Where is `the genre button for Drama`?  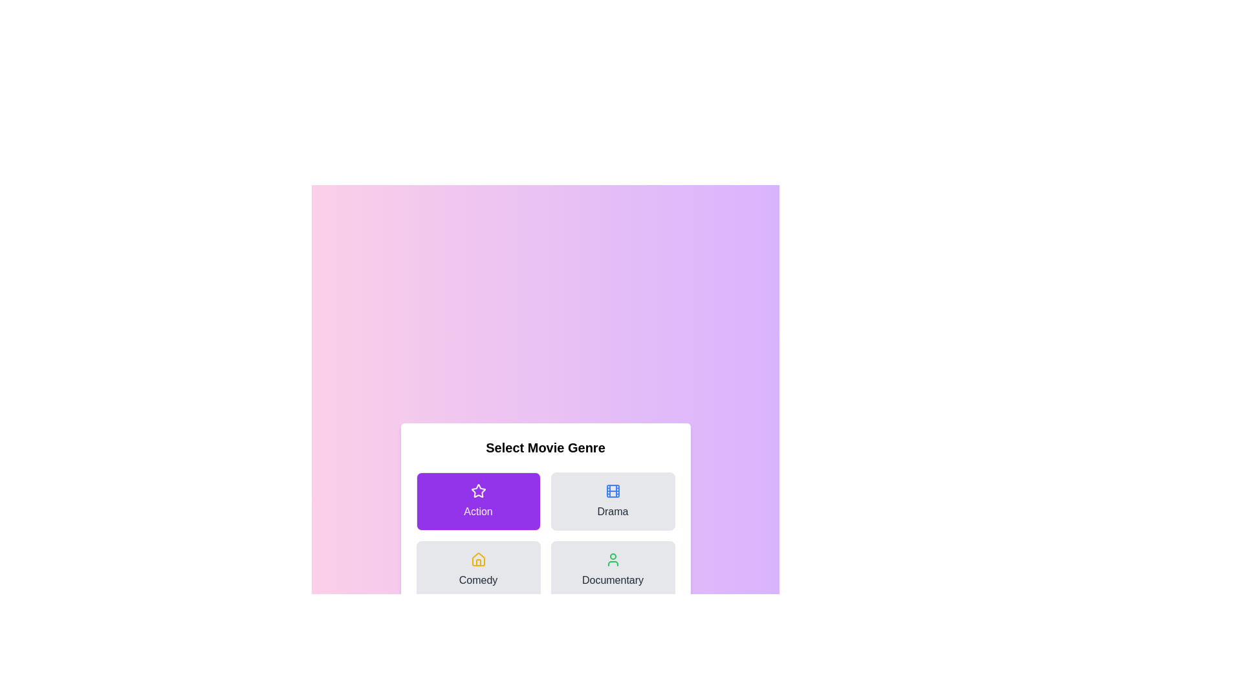
the genre button for Drama is located at coordinates (612, 501).